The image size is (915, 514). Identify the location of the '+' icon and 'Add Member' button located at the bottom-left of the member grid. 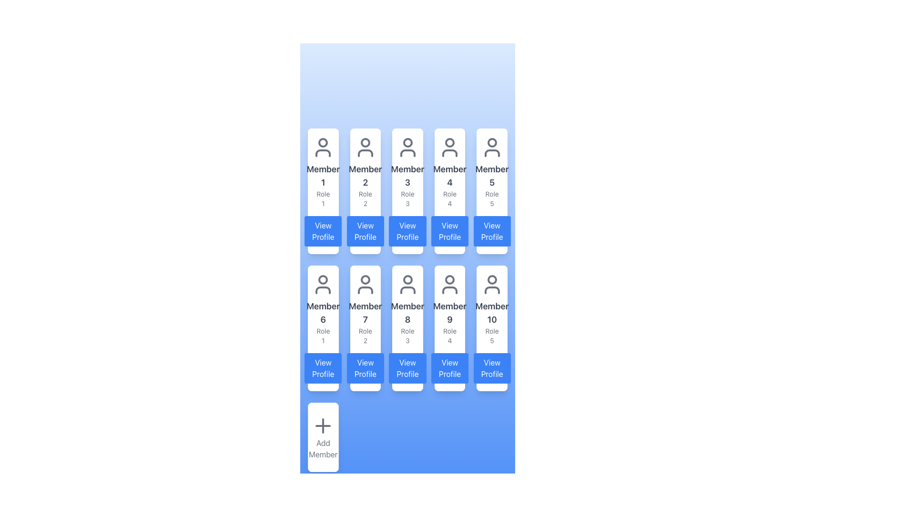
(323, 437).